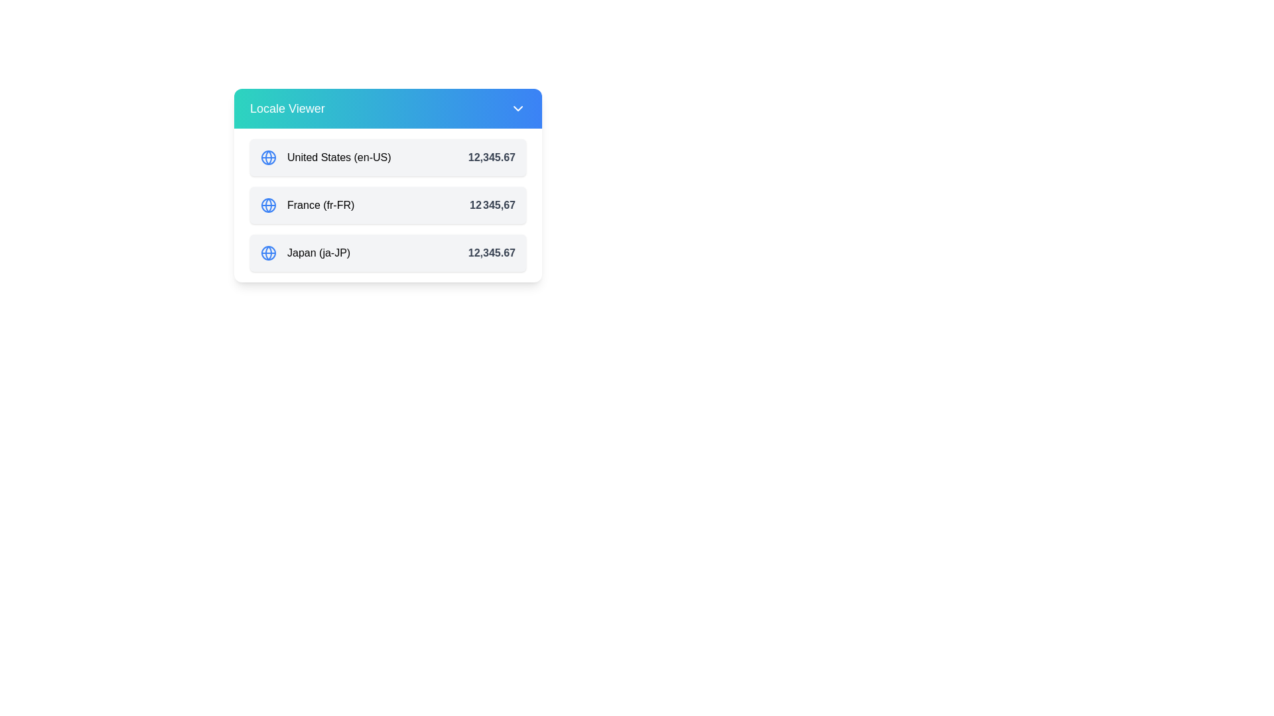 The width and height of the screenshot is (1274, 716). Describe the element at coordinates (307, 205) in the screenshot. I see `the text label 'France (fr-FR)' which is part of a vertically stacked list, positioned to the right of a blue globe icon` at that location.